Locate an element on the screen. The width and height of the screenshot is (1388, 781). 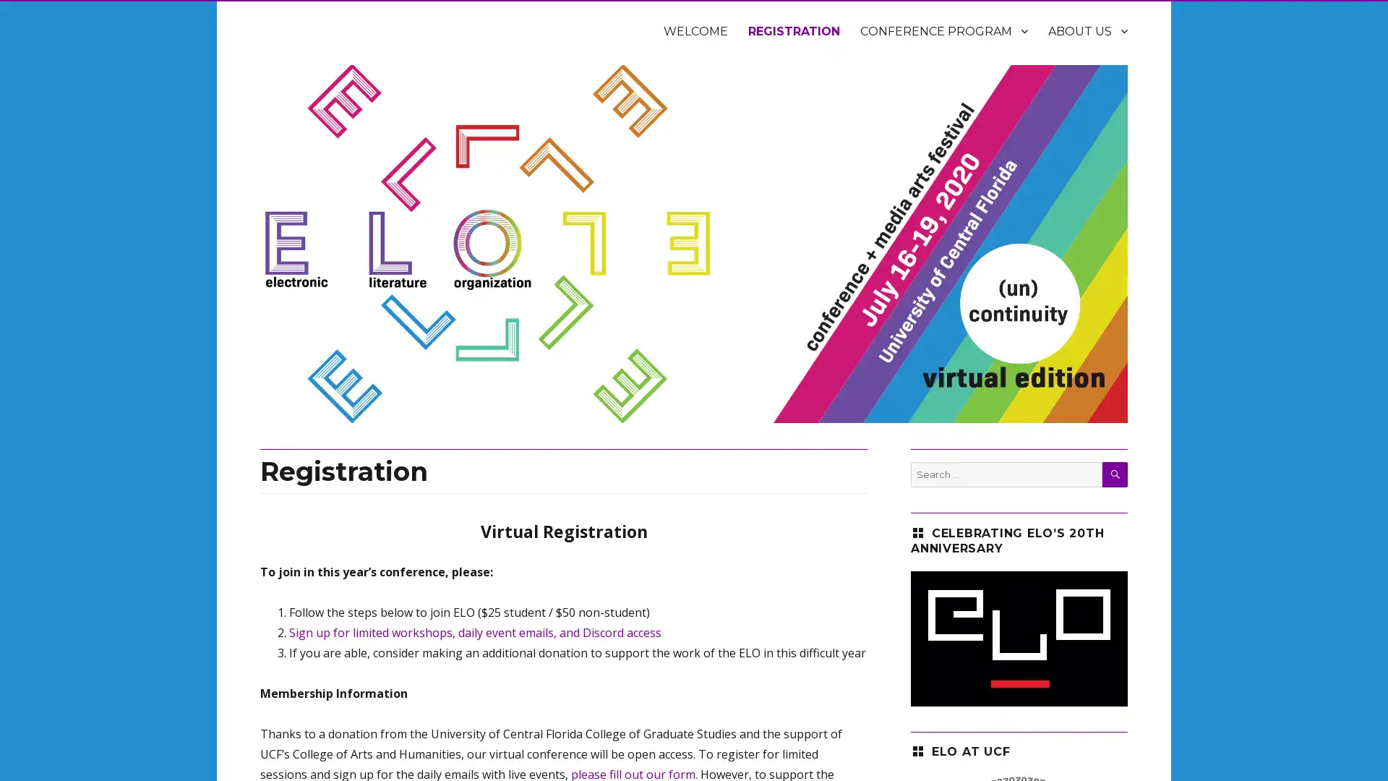
SEARCH is located at coordinates (1114, 474).